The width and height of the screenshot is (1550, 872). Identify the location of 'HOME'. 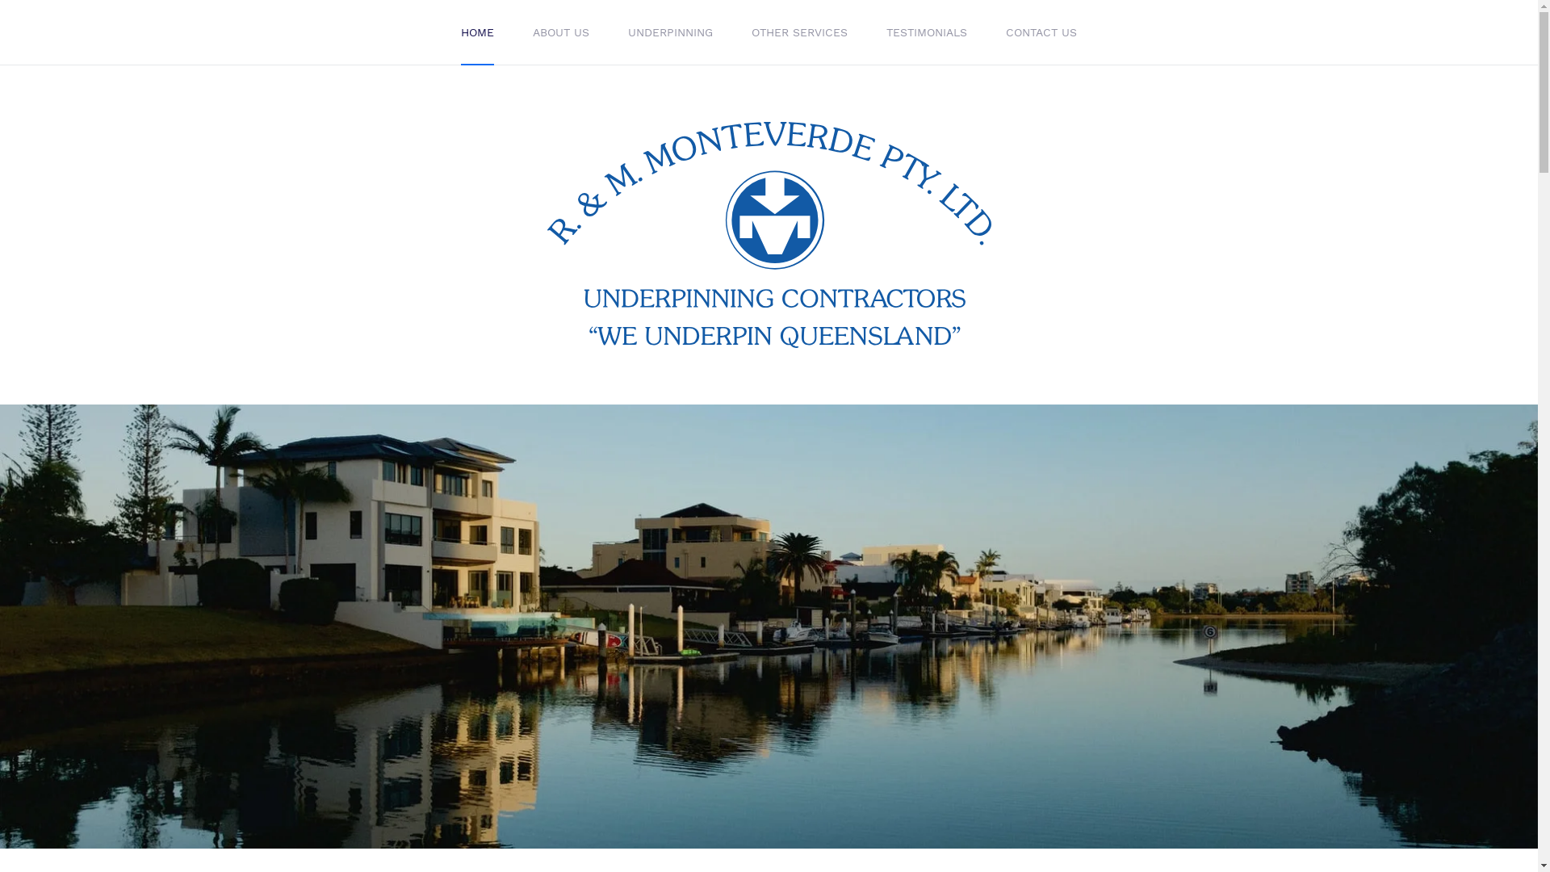
(476, 31).